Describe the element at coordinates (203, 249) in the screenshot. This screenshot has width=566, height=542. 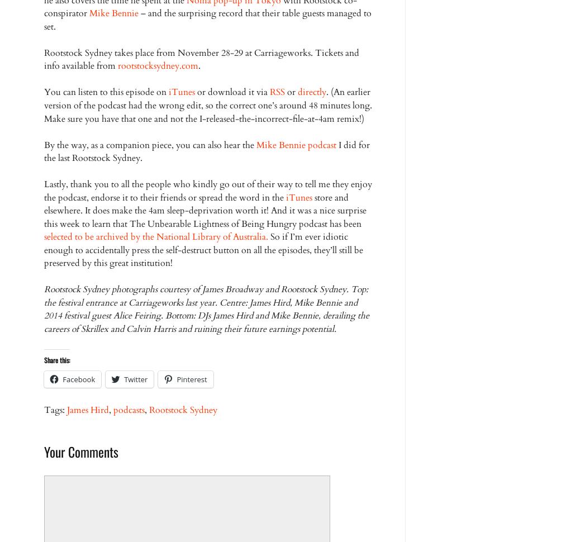
I see `'So if I’m ever idiotic enough to accidentally press the self-destruct button on all the episodes, they’ll still be preserved by this great institution!'` at that location.